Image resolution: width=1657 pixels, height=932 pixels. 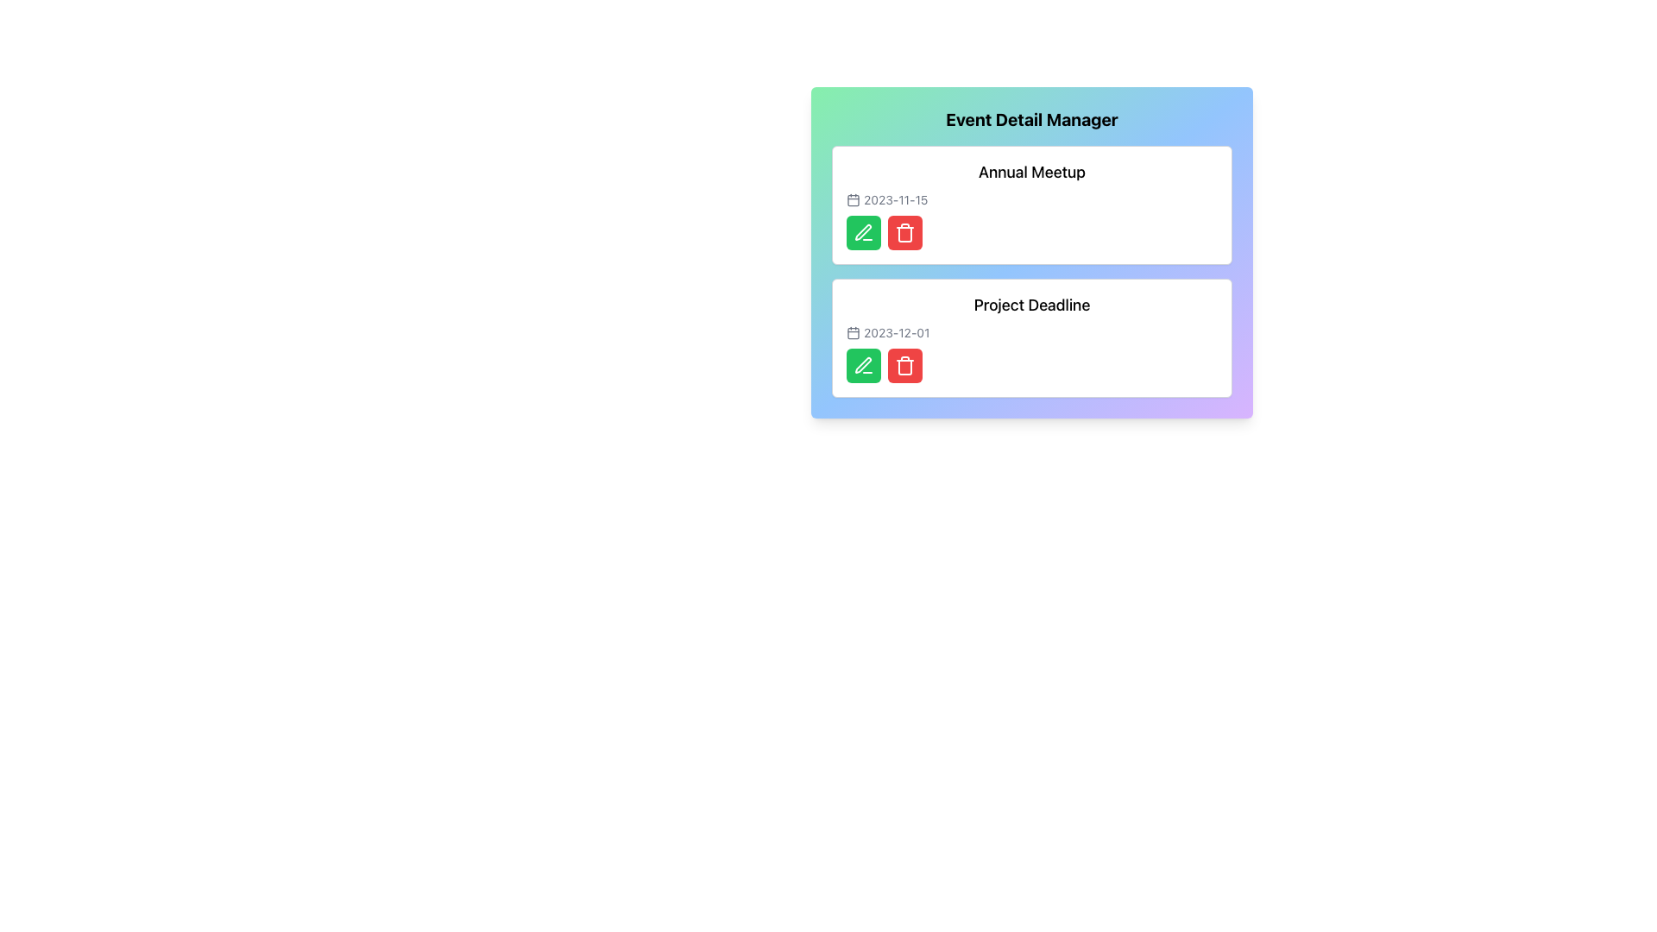 I want to click on the green outlined icon button resembling a pen, located within the 'Project Deadline' card, so click(x=863, y=364).